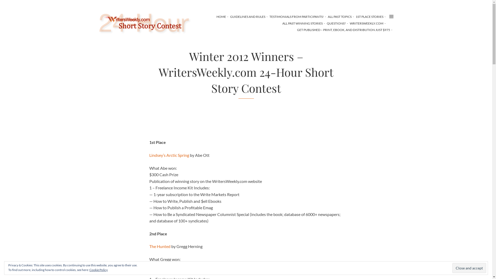  What do you see at coordinates (336, 23) in the screenshot?
I see `'QUESTIONS?'` at bounding box center [336, 23].